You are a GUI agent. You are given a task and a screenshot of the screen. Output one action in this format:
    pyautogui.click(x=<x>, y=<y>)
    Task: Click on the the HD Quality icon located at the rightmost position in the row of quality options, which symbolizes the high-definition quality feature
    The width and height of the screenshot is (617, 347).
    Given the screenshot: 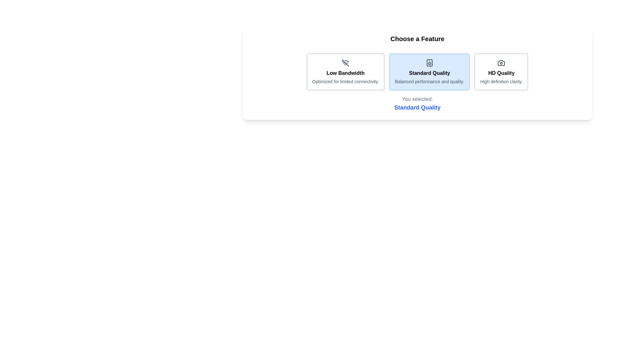 What is the action you would take?
    pyautogui.click(x=501, y=63)
    